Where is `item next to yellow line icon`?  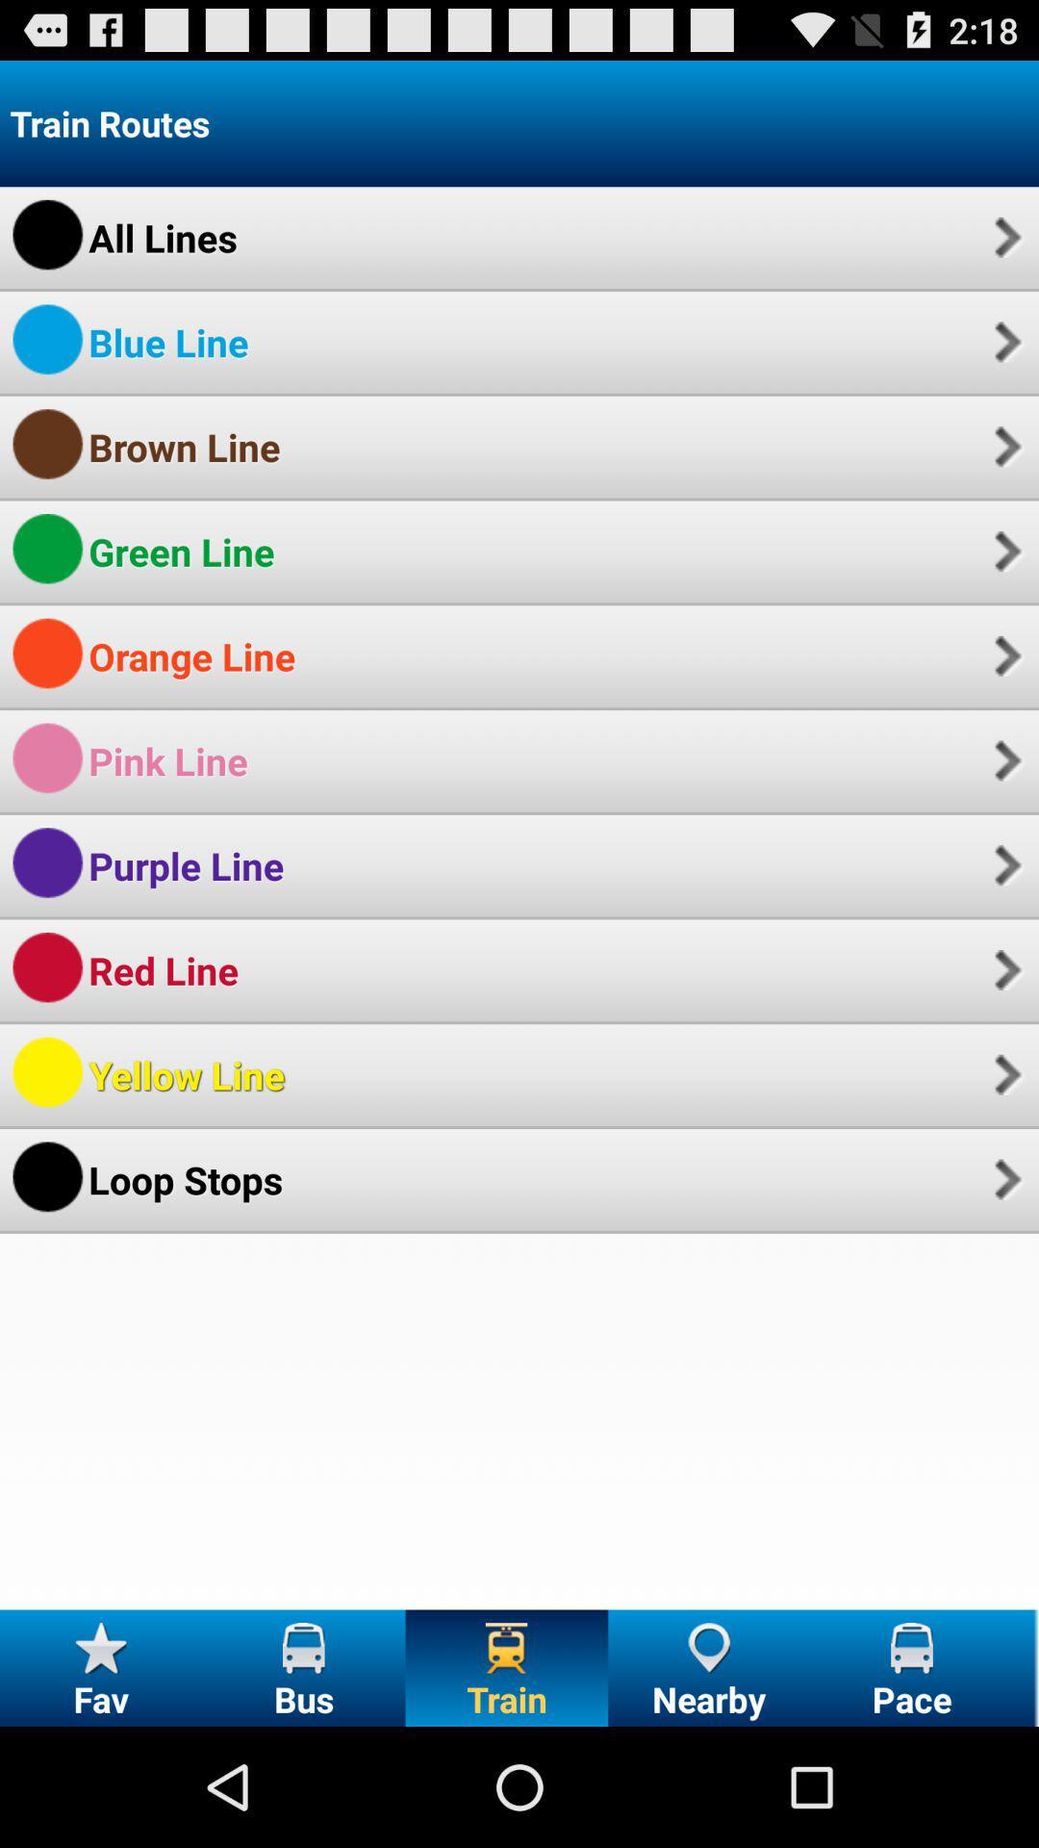
item next to yellow line icon is located at coordinates (1004, 1073).